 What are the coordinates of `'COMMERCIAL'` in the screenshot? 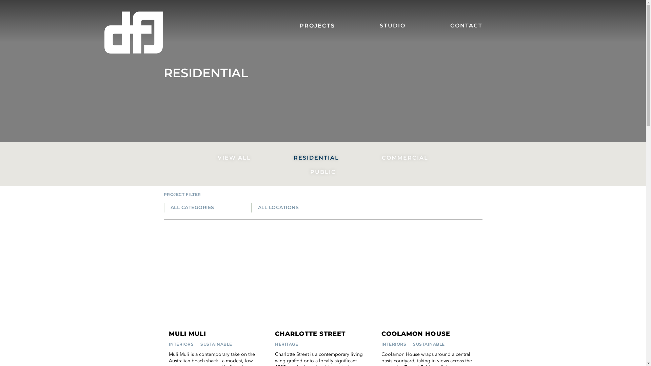 It's located at (405, 158).